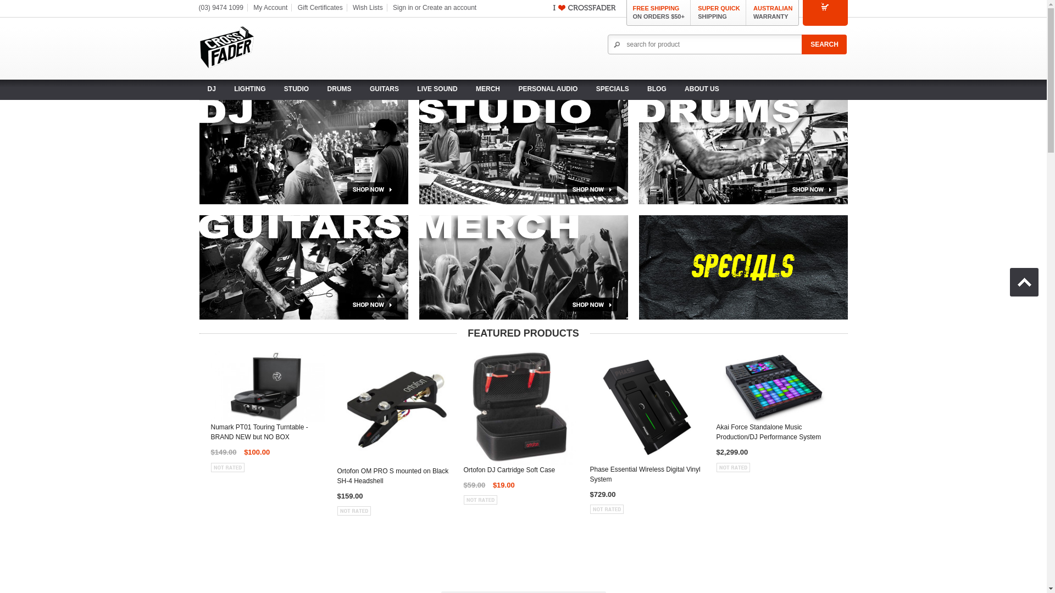 This screenshot has width=1055, height=593. Describe the element at coordinates (436, 88) in the screenshot. I see `'LIVE SOUND'` at that location.